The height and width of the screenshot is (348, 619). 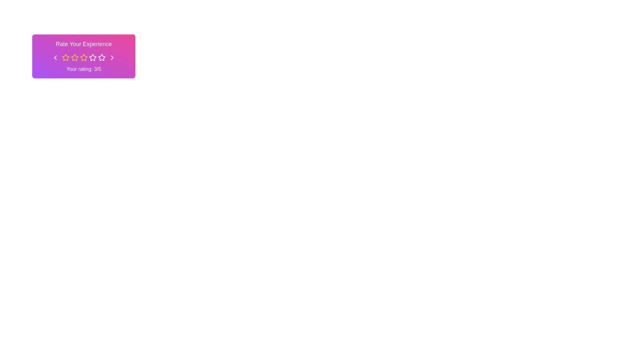 I want to click on the third star icon in the rating system, so click(x=74, y=57).